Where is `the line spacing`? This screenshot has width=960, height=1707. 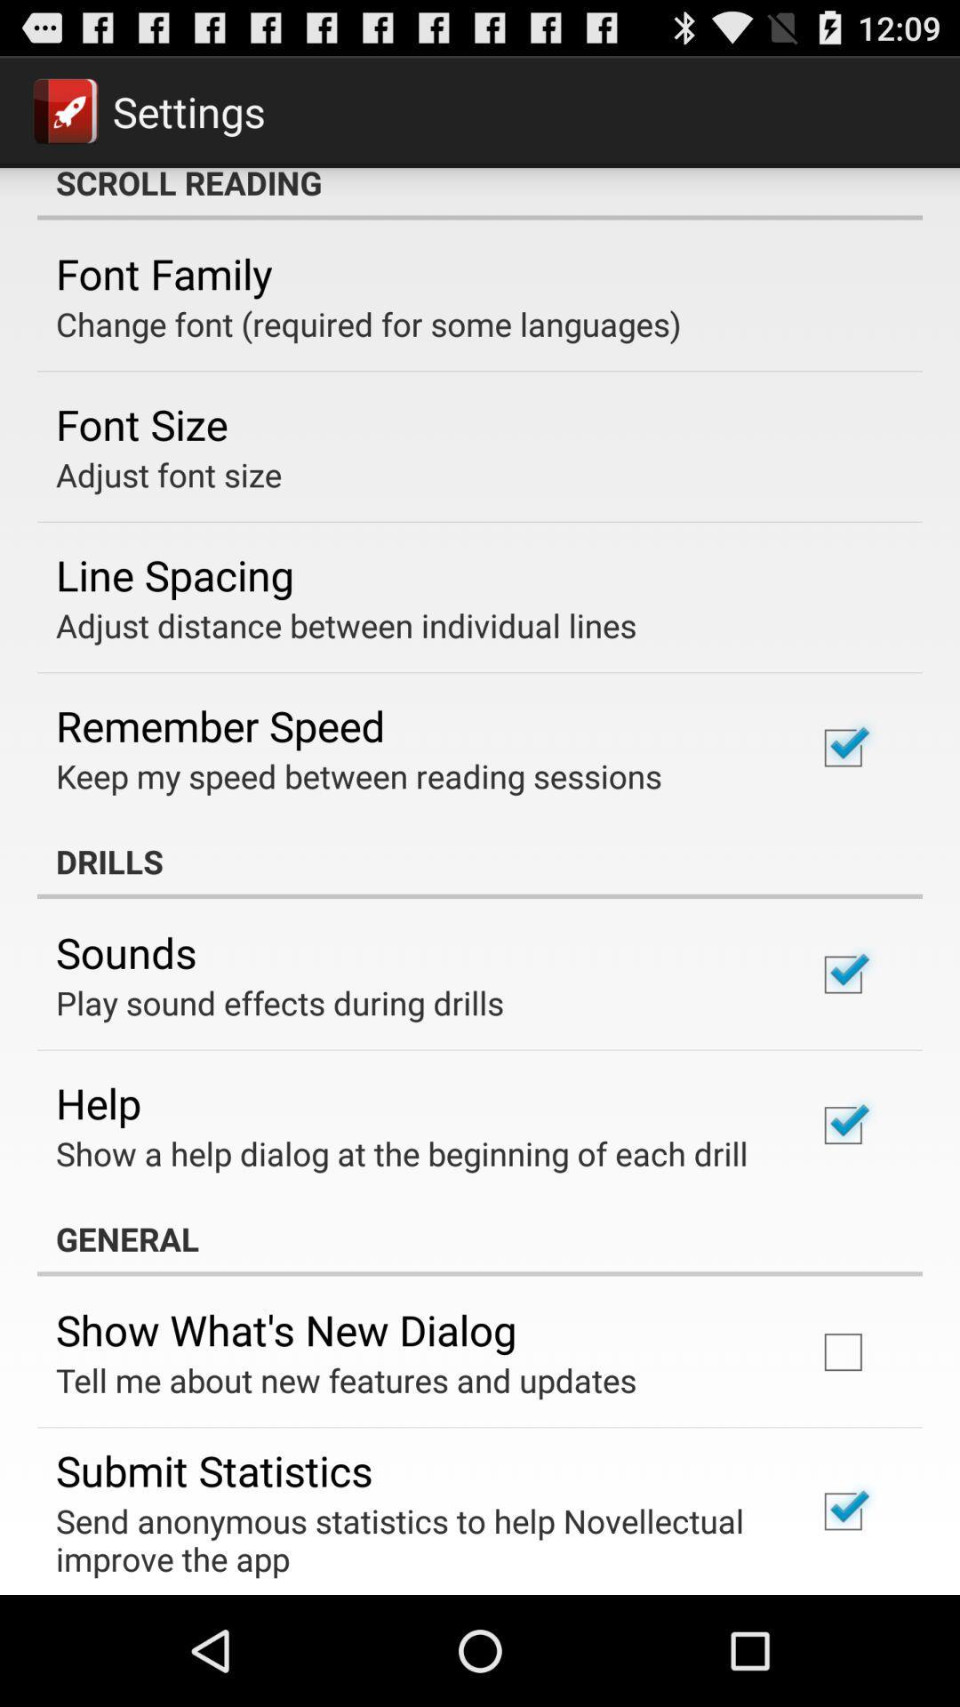
the line spacing is located at coordinates (174, 574).